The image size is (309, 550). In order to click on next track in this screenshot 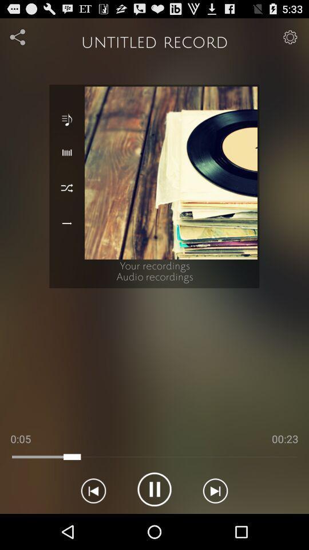, I will do `click(215, 489)`.